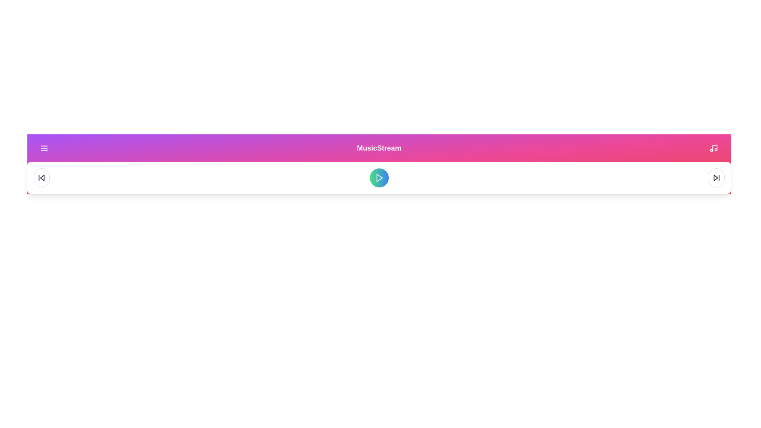 Image resolution: width=761 pixels, height=428 pixels. What do you see at coordinates (379, 177) in the screenshot?
I see `the play button to toggle the play/pause state of the current track` at bounding box center [379, 177].